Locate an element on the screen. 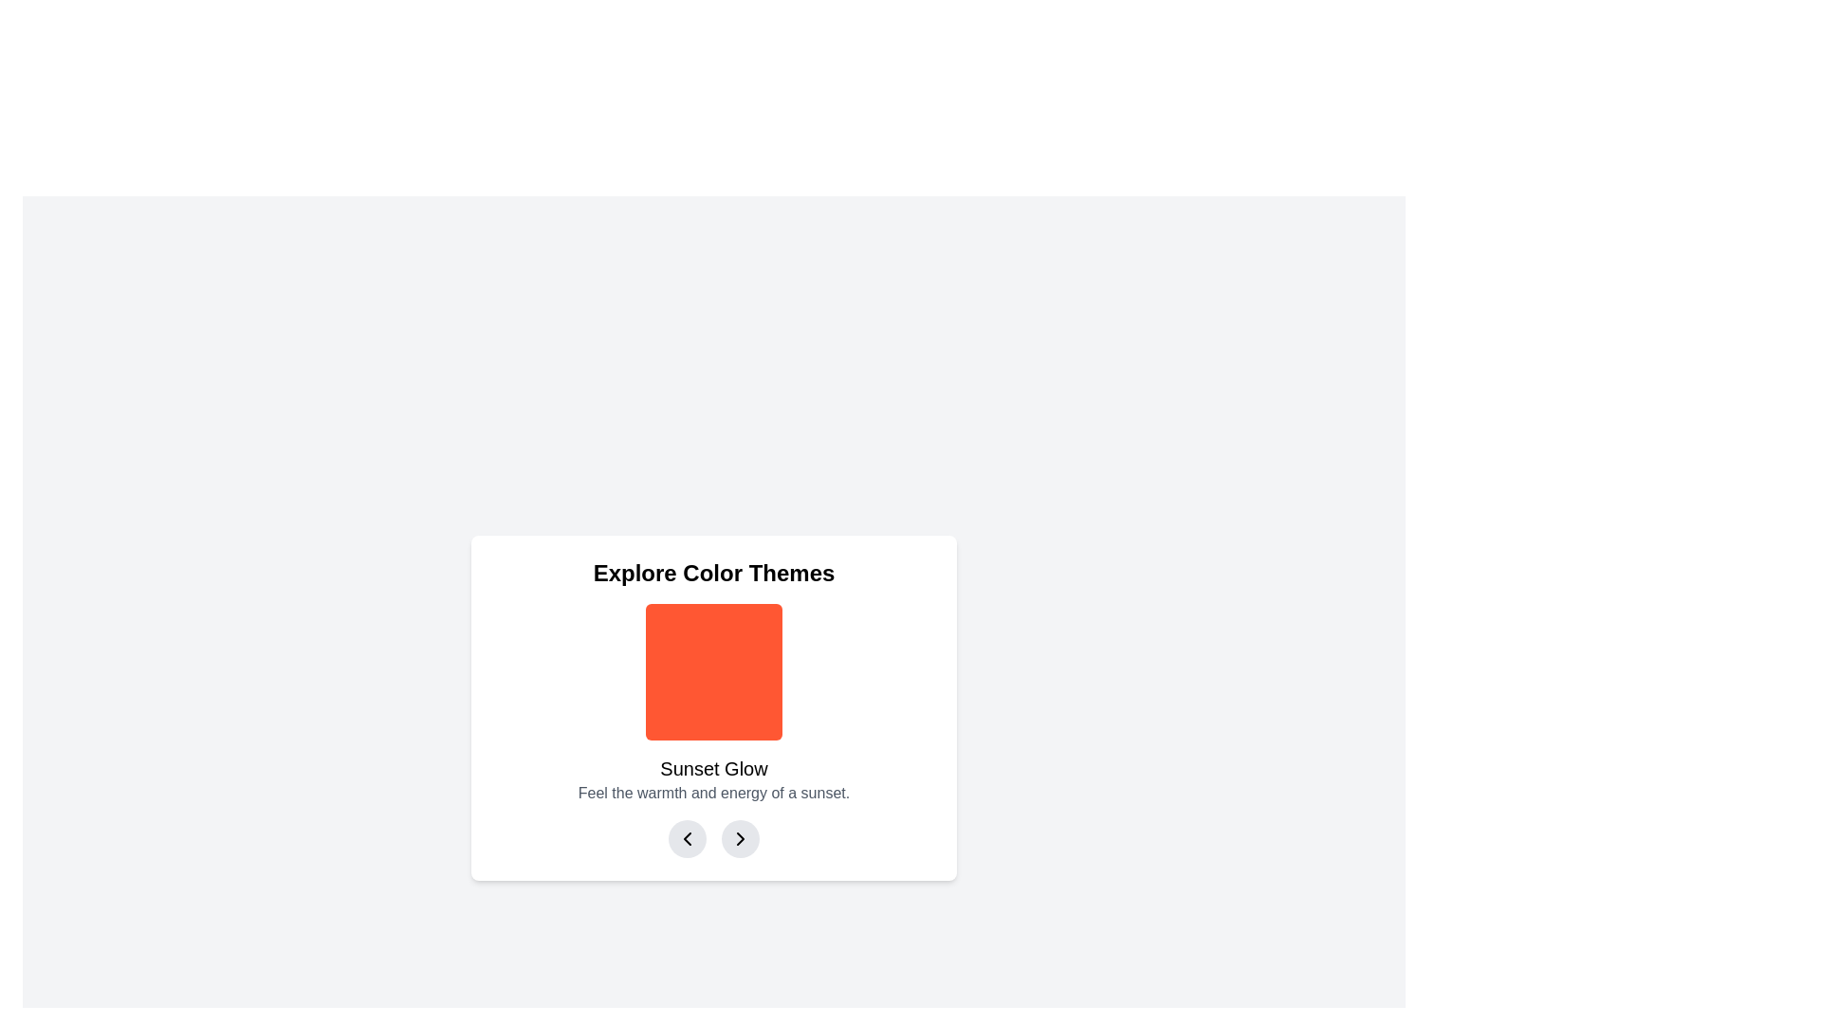 Image resolution: width=1821 pixels, height=1024 pixels. the text label that reads 'Sunset Glow', which is styled in bold black font and positioned below a colored square and above a descriptive caption is located at coordinates (713, 768).